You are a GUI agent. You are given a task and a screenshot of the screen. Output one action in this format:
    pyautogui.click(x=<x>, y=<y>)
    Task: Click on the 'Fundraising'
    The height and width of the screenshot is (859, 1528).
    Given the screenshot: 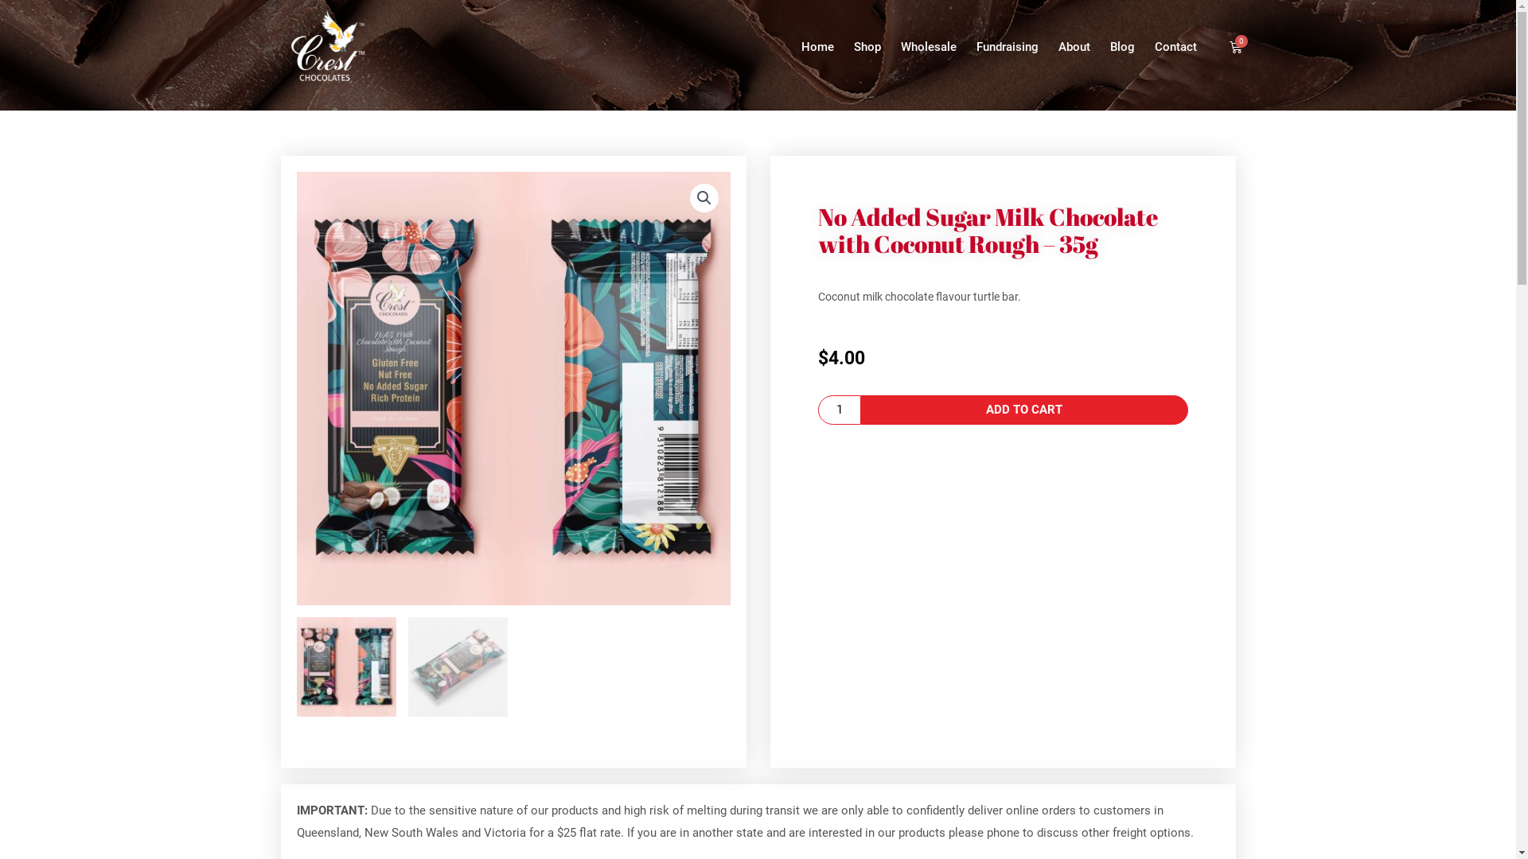 What is the action you would take?
    pyautogui.click(x=1006, y=45)
    